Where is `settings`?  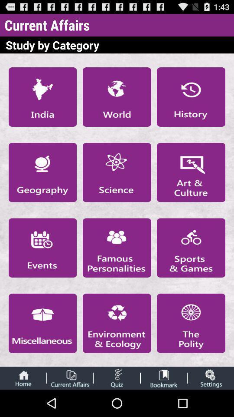
settings is located at coordinates (210, 377).